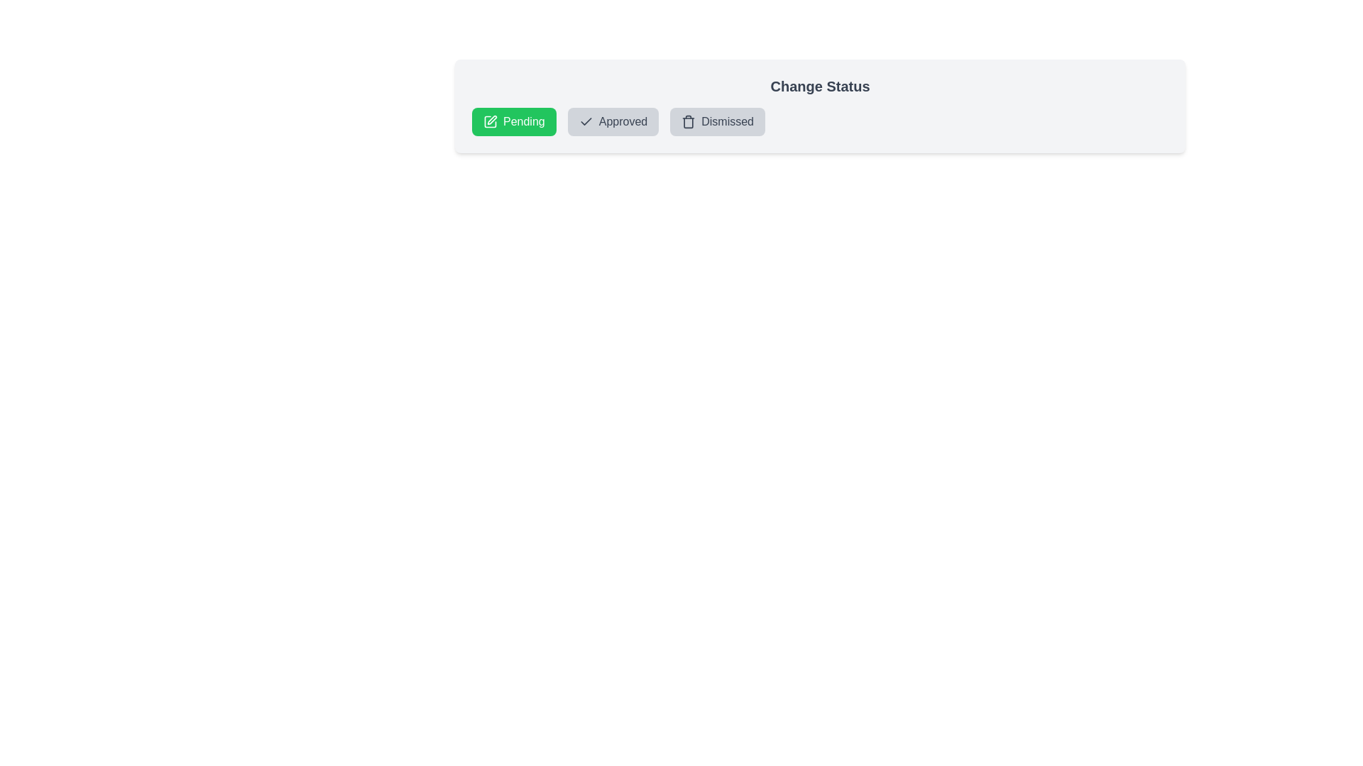 This screenshot has width=1363, height=766. I want to click on the status chip labeled 'Pending' to view its associated icon, so click(513, 121).